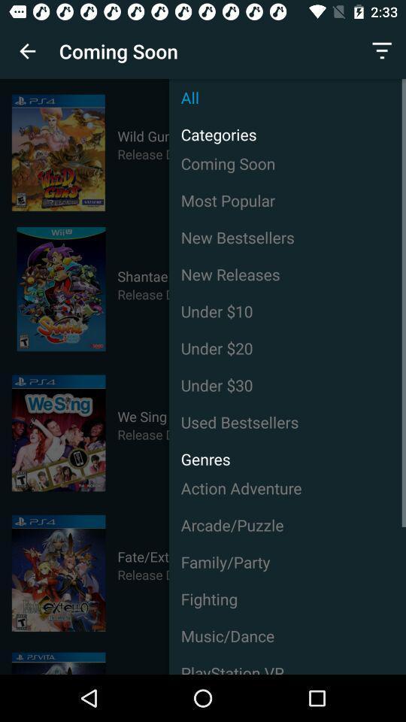 The width and height of the screenshot is (406, 722). Describe the element at coordinates (287, 561) in the screenshot. I see `the family/party icon` at that location.